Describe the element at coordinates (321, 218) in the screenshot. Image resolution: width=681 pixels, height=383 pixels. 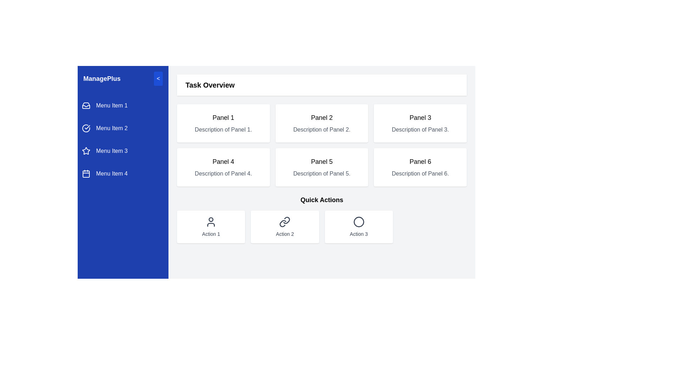
I see `the section with interactive elements located at the lower part of the visible area` at that location.